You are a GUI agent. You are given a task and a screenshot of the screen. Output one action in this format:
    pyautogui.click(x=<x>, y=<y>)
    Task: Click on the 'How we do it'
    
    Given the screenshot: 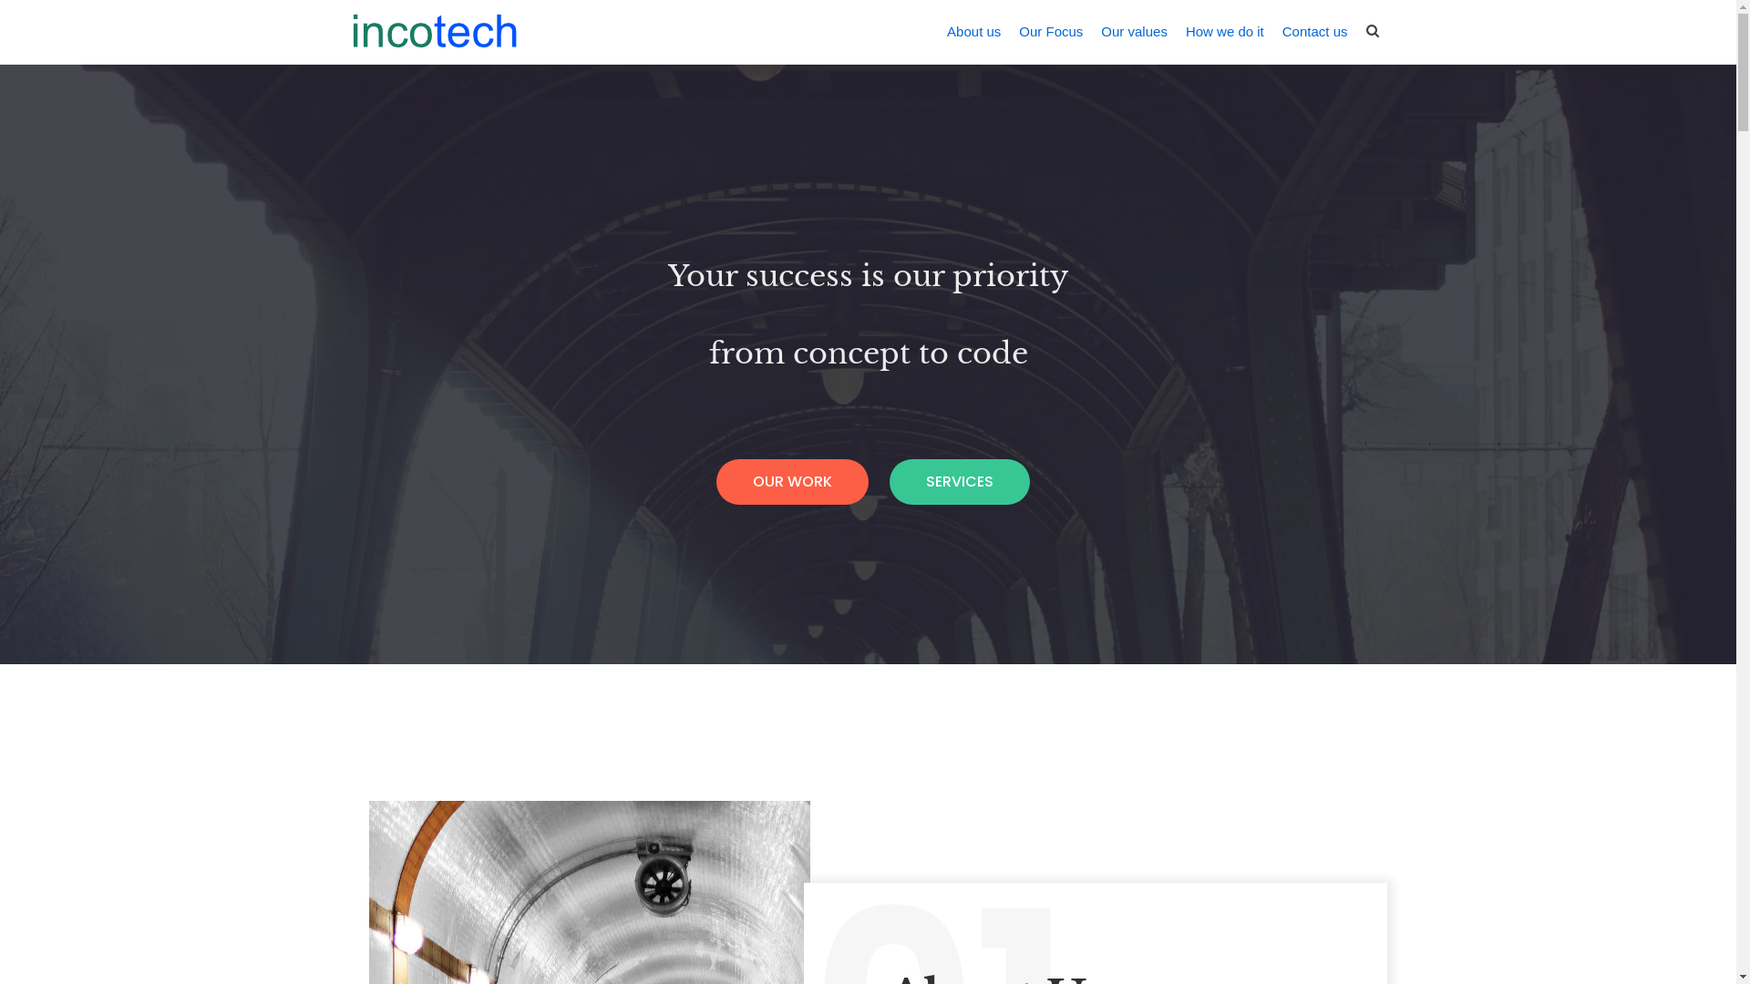 What is the action you would take?
    pyautogui.click(x=1225, y=31)
    